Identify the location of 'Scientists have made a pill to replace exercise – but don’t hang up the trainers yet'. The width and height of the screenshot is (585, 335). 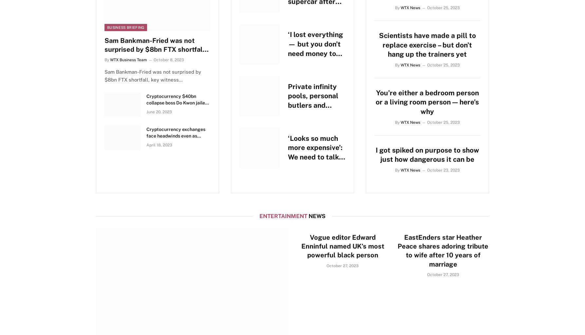
(427, 44).